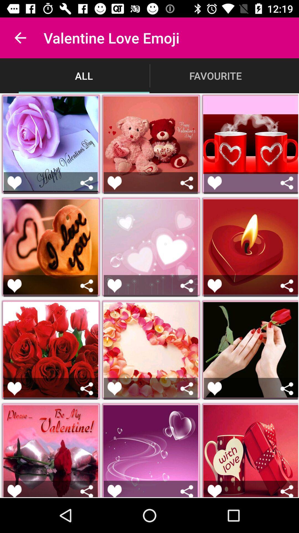 The image size is (299, 533). I want to click on button to like an emoji, so click(114, 286).